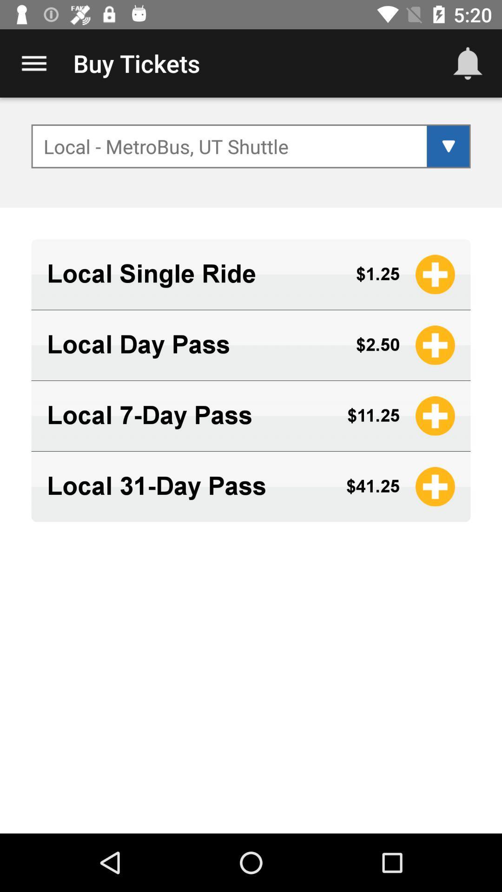 The width and height of the screenshot is (502, 892). What do you see at coordinates (468, 63) in the screenshot?
I see `icon above the local metrobus ut item` at bounding box center [468, 63].